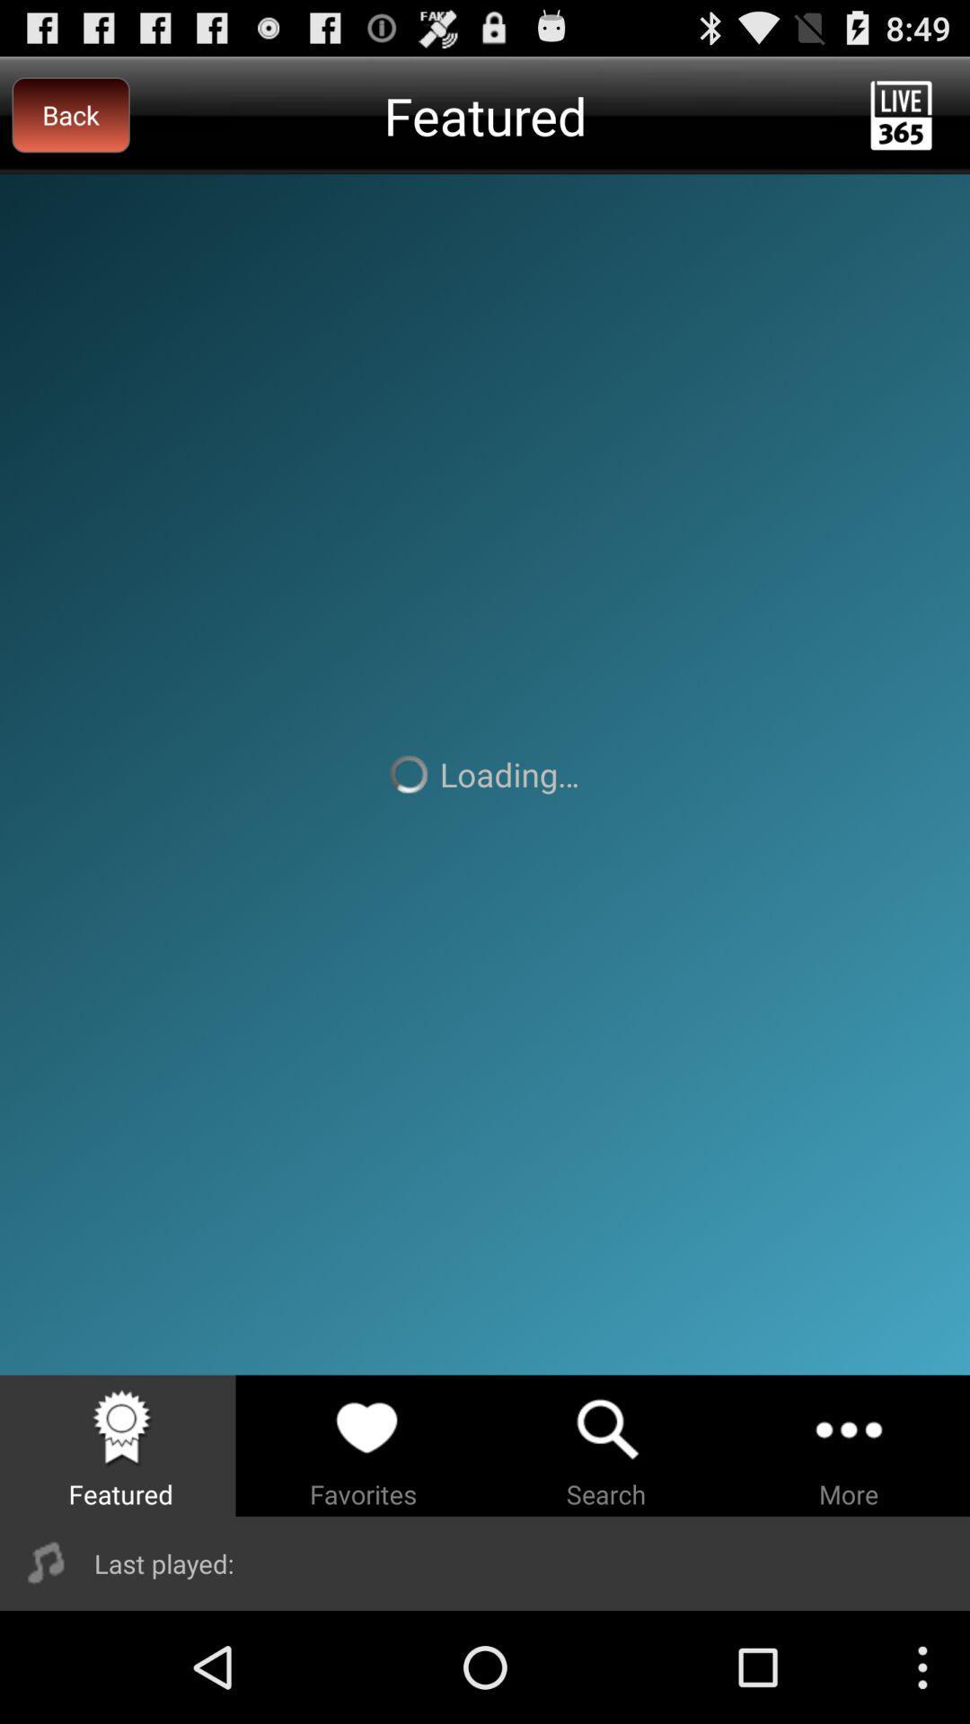 The image size is (970, 1724). Describe the element at coordinates (70, 114) in the screenshot. I see `the back icon` at that location.